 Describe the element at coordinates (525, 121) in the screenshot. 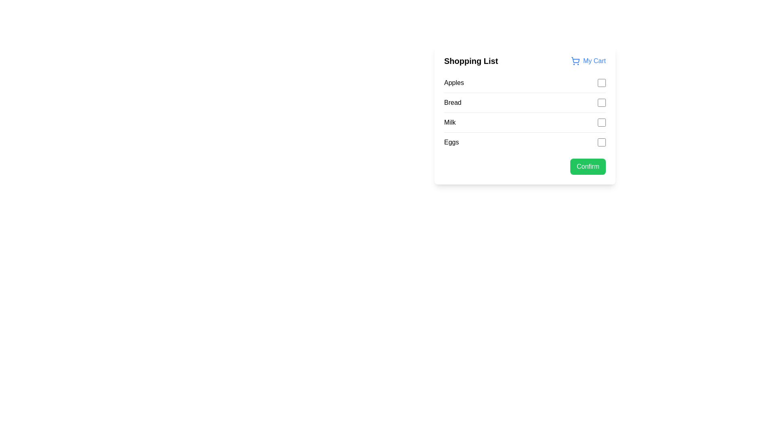

I see `the checkbox next to the 'Milk' item` at that location.